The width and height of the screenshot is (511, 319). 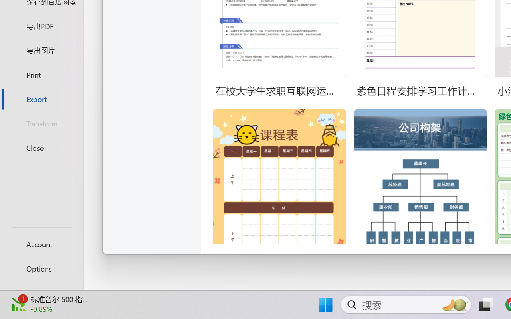 I want to click on 'Transform', so click(x=41, y=123).